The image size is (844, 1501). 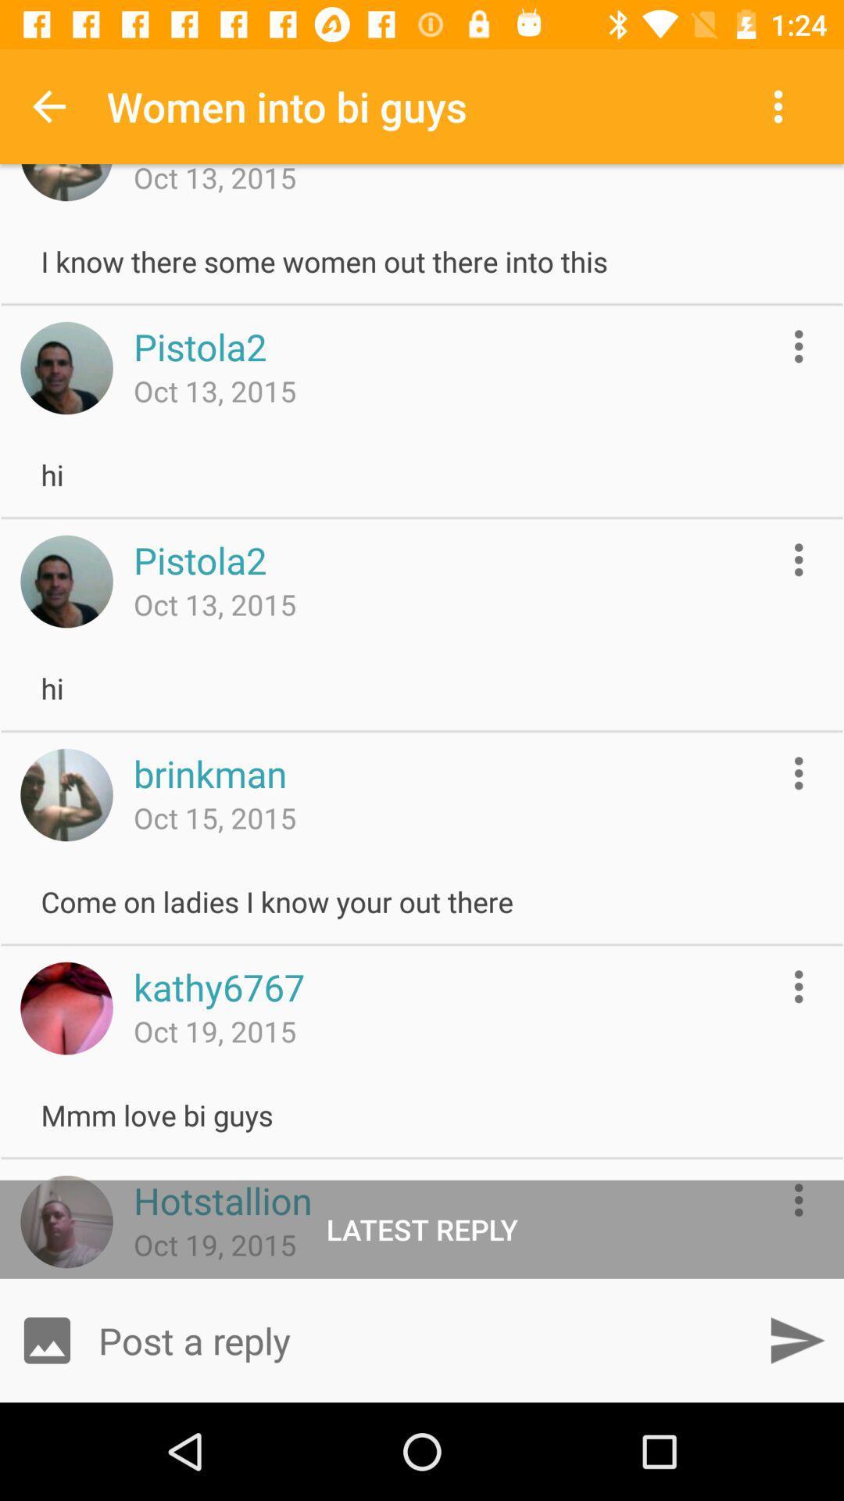 What do you see at coordinates (422, 1339) in the screenshot?
I see `posts a reply in the thread` at bounding box center [422, 1339].